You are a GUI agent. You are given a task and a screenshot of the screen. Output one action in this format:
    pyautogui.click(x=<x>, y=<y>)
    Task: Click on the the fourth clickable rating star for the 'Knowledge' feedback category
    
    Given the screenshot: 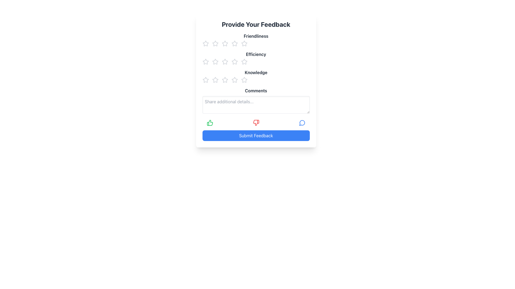 What is the action you would take?
    pyautogui.click(x=234, y=80)
    